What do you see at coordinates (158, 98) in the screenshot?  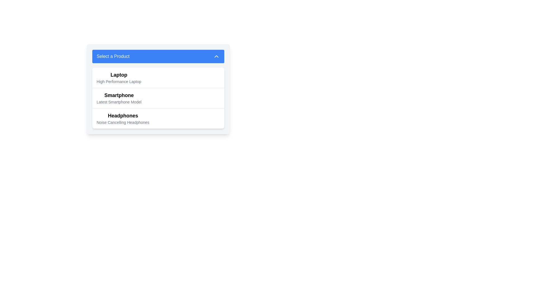 I see `the selectable list item titled 'Smartphone', which is the second item in a vertical list` at bounding box center [158, 98].